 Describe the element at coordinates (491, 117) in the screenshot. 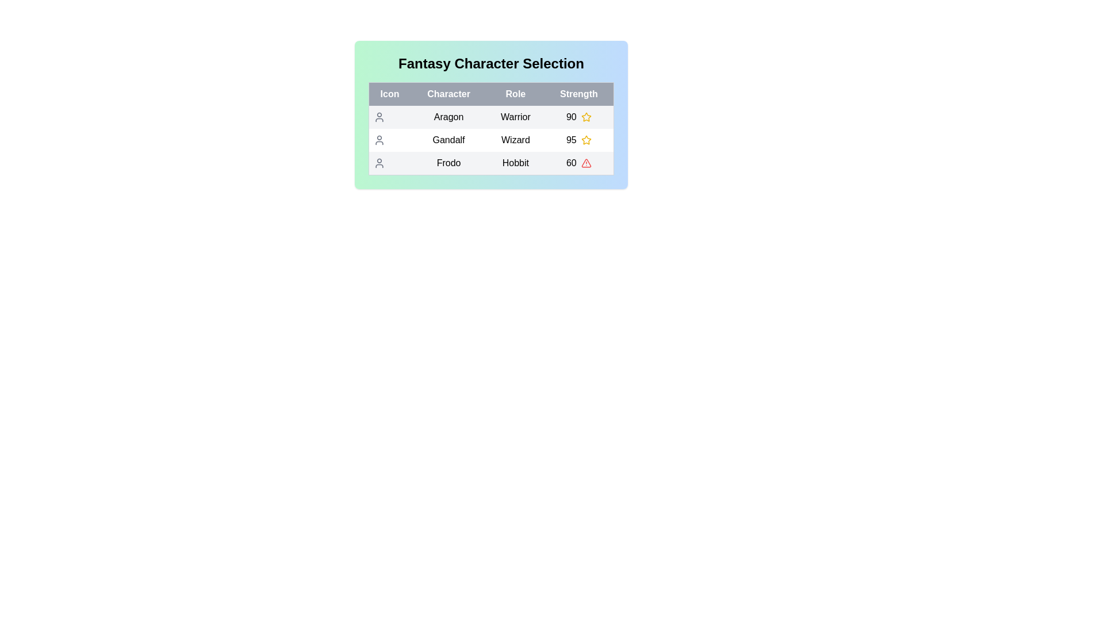

I see `the row corresponding to Aragon to select the character` at that location.